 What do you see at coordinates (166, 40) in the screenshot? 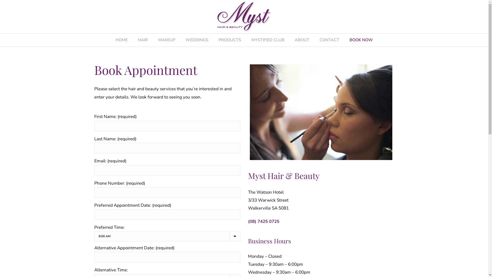
I see `'MAKEUP'` at bounding box center [166, 40].